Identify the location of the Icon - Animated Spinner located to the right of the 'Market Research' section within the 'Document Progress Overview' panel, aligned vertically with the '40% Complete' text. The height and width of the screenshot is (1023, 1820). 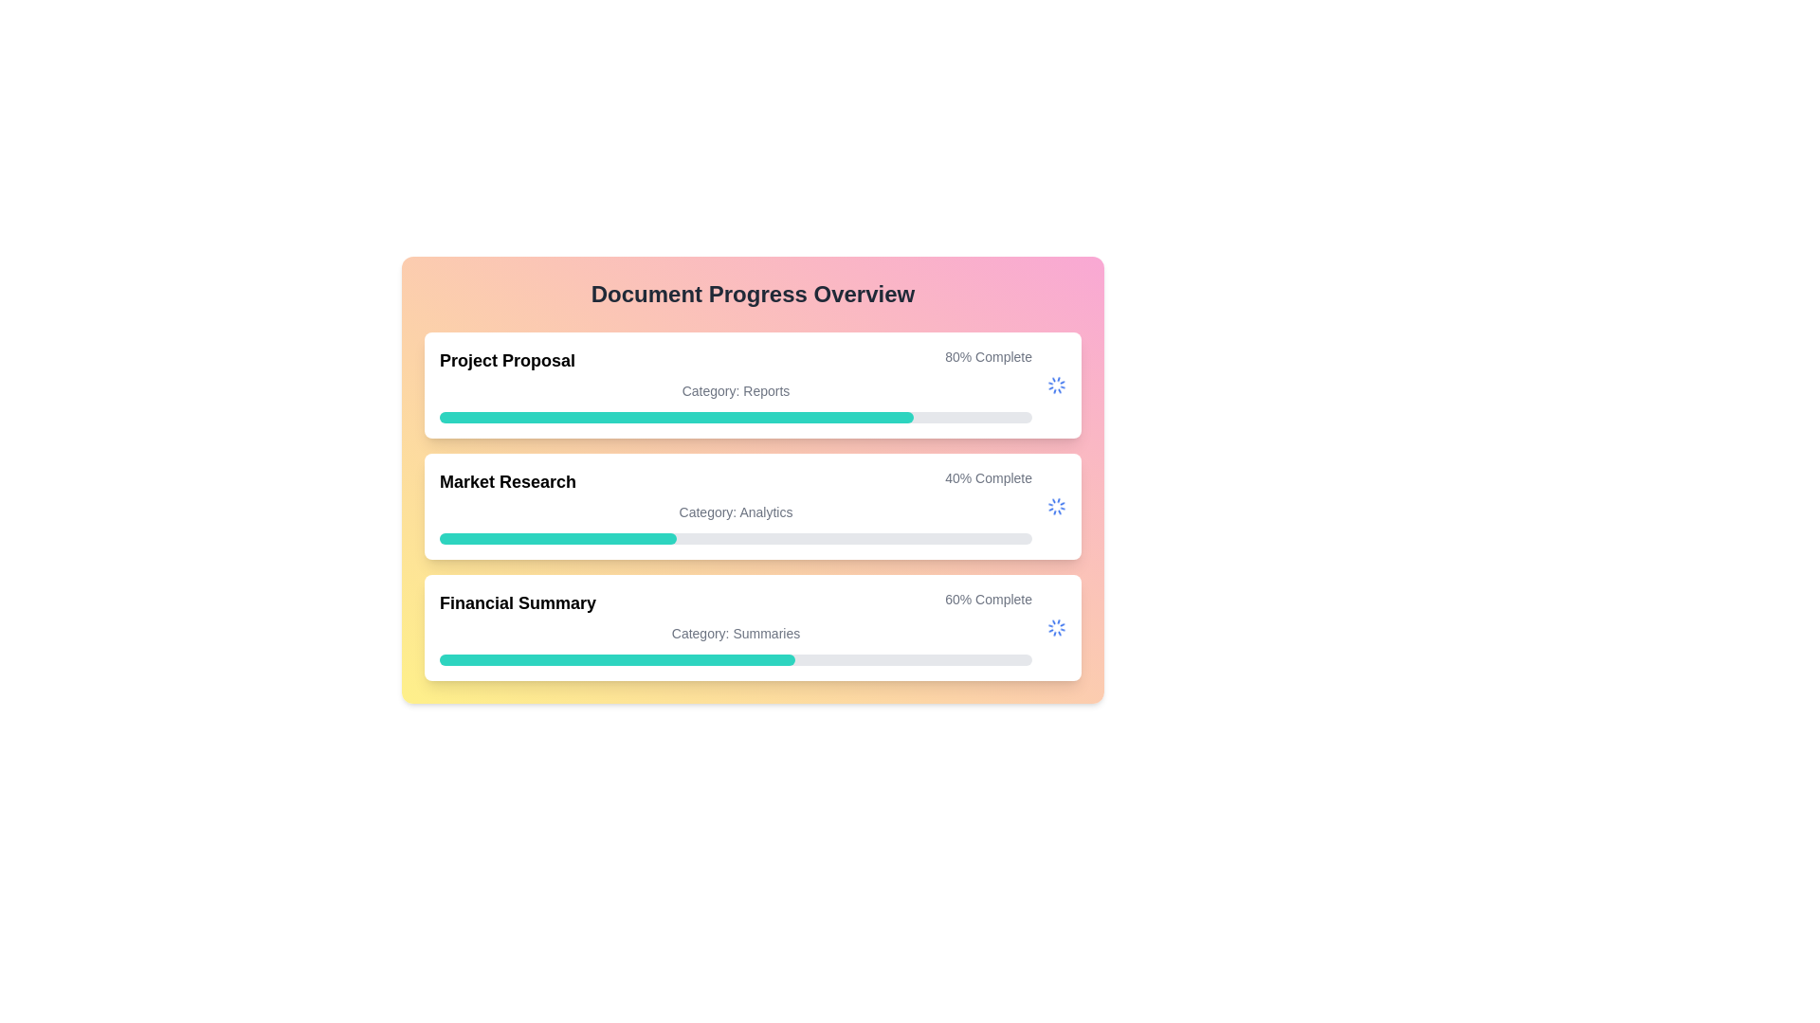
(1055, 506).